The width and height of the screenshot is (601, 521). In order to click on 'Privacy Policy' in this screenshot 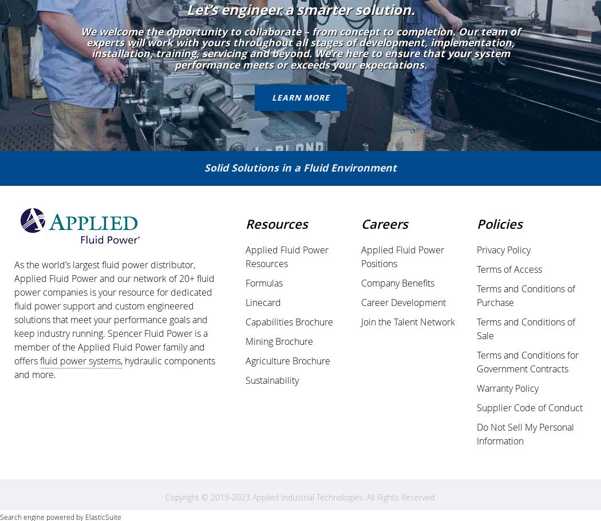, I will do `click(503, 249)`.